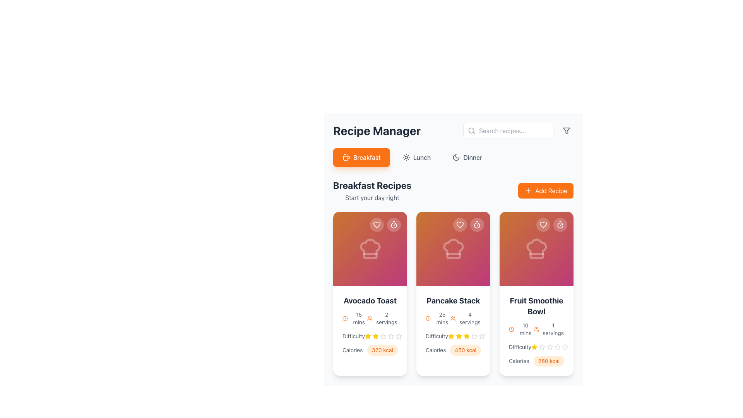  Describe the element at coordinates (466, 336) in the screenshot. I see `the third star in the 5-star rating system under the 'Difficulty' label within the 'Pancake Stack' card, located under the 'Breakfast Recipes' heading` at that location.